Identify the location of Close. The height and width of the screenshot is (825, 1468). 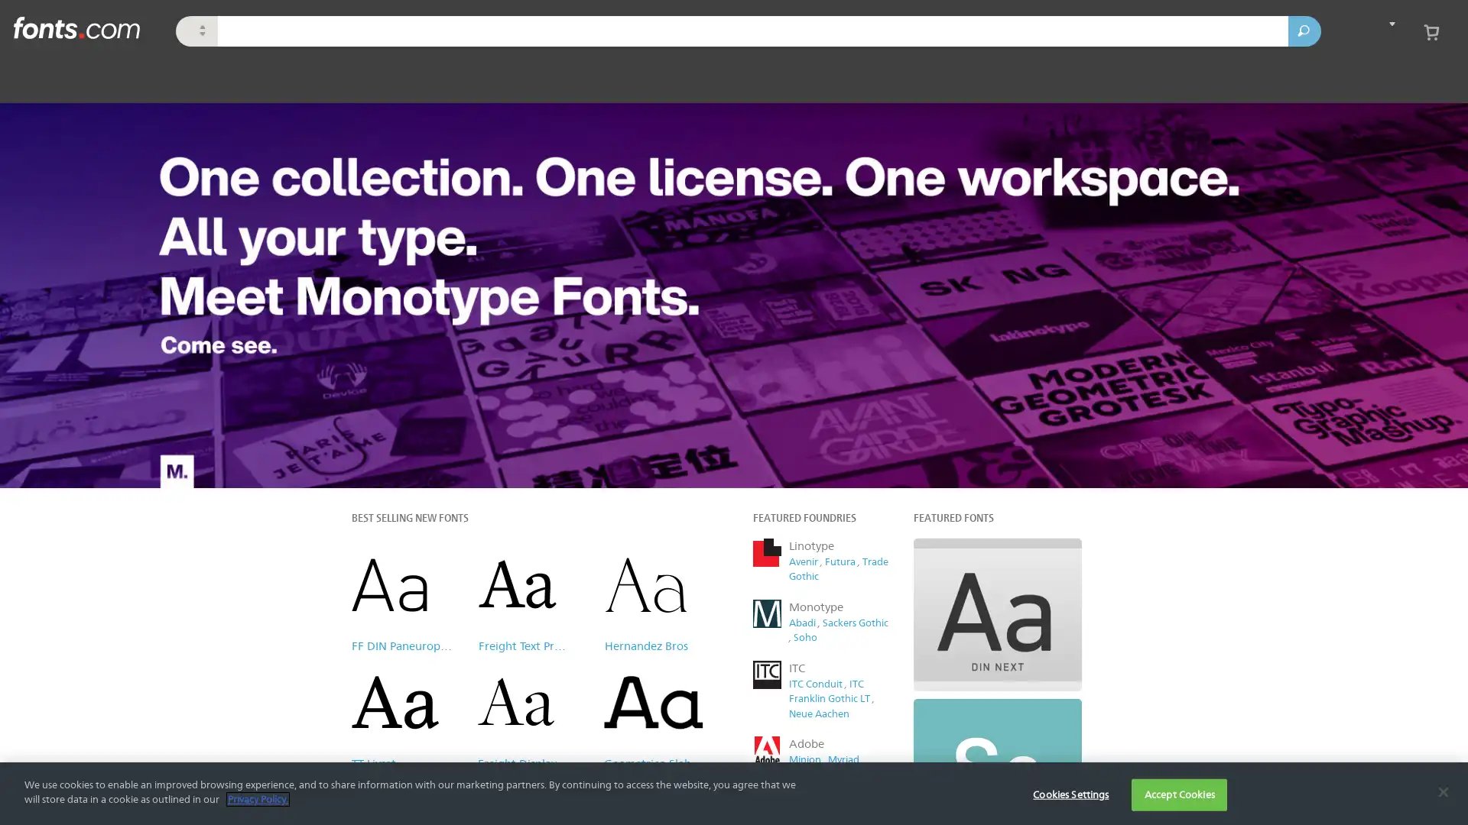
(1442, 791).